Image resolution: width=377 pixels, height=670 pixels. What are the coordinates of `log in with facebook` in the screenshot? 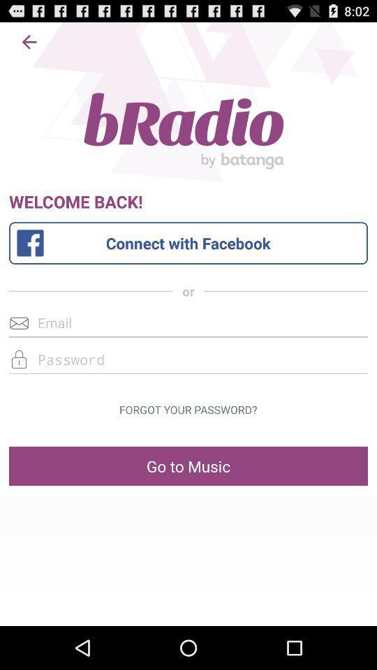 It's located at (188, 243).